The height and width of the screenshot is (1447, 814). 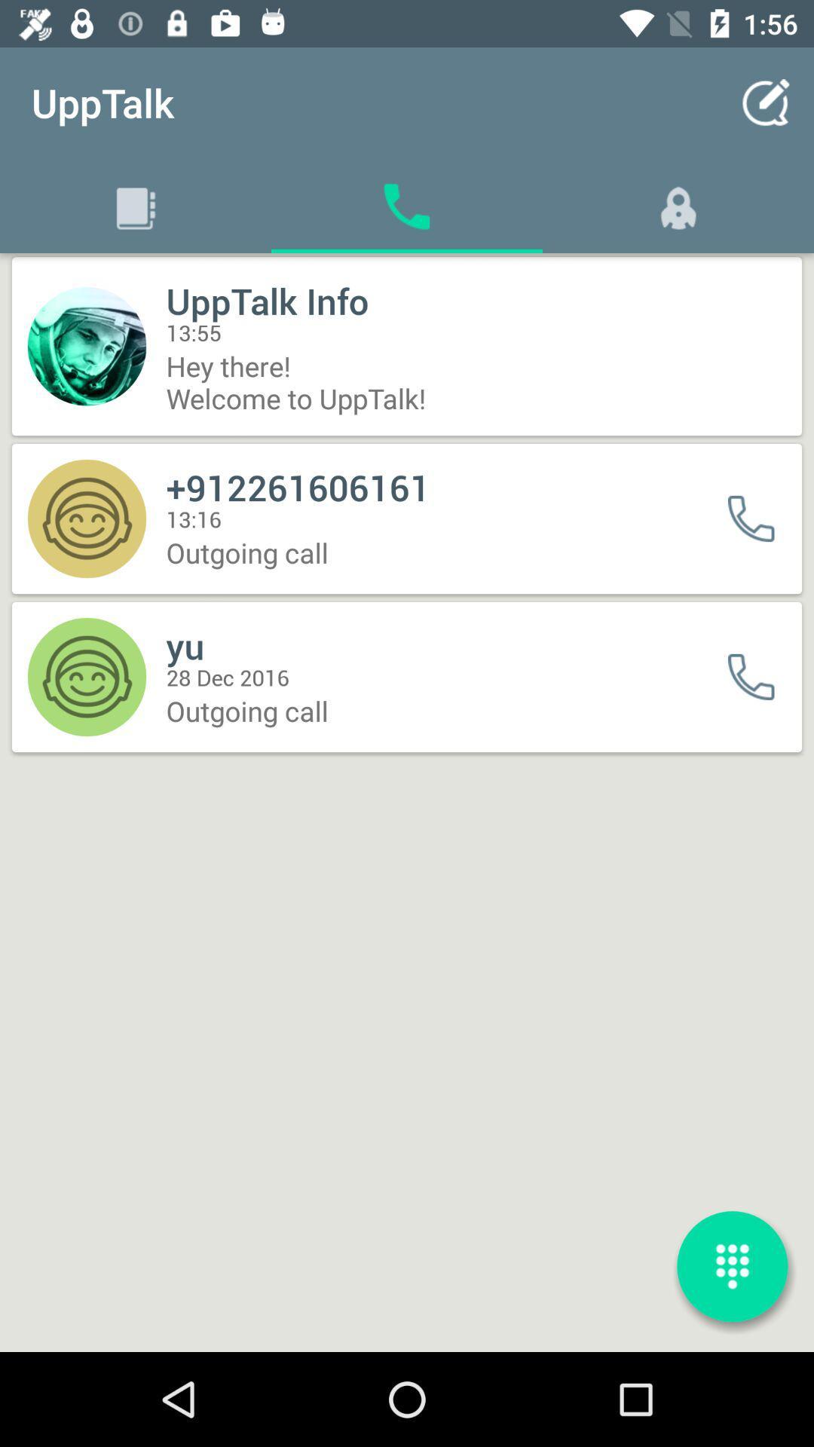 What do you see at coordinates (760, 676) in the screenshot?
I see `call button` at bounding box center [760, 676].